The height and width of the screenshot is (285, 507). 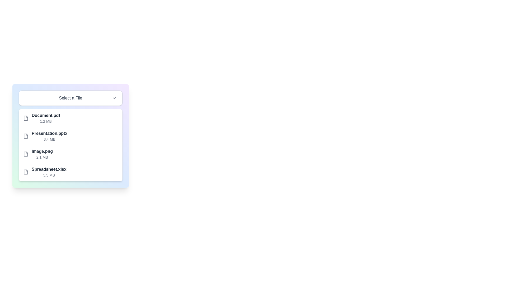 I want to click on the second positioned icon representing the file 'Image.png' in the vertical file list, so click(x=25, y=154).